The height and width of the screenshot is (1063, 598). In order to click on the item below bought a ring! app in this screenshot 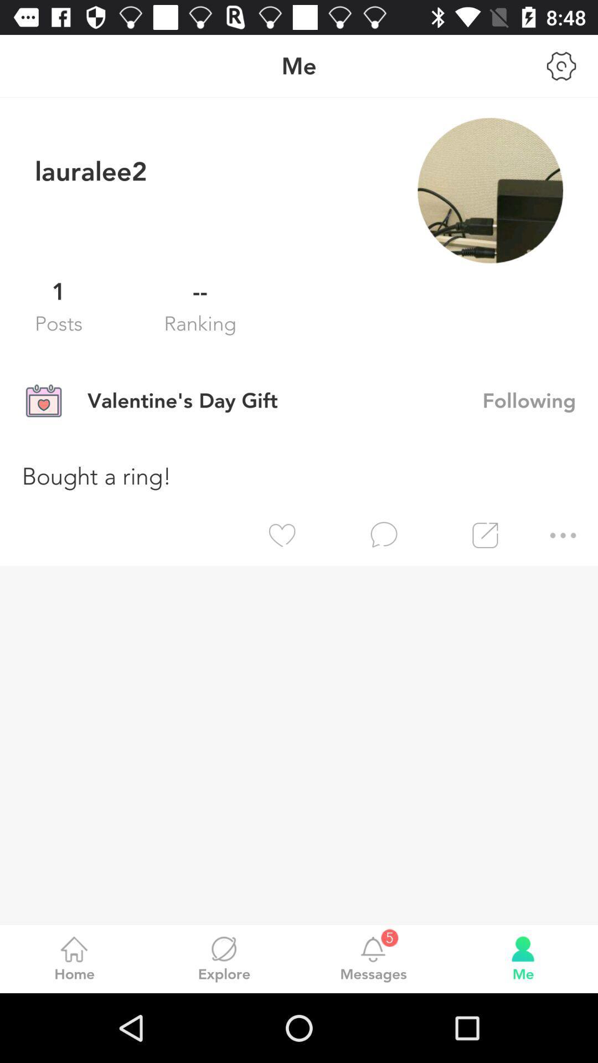, I will do `click(421, 535)`.